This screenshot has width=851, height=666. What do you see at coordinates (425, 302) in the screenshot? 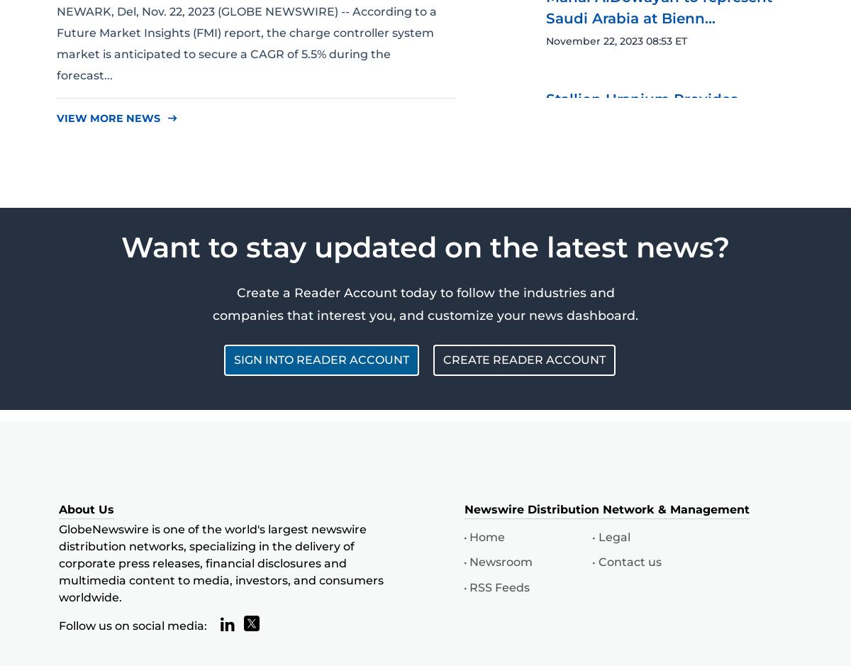
I see `'Create a Reader Account today to follow the industries and companies that interest you, and customize your news dashboard.'` at bounding box center [425, 302].